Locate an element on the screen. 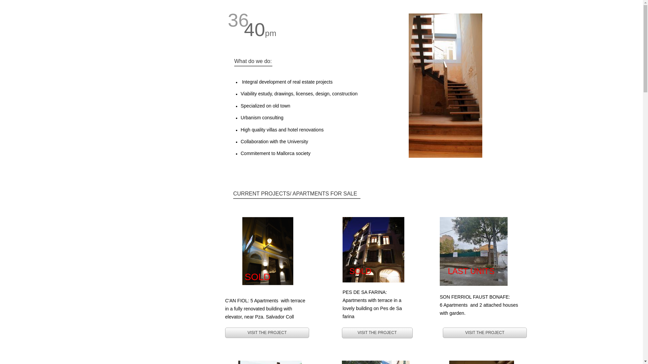 The width and height of the screenshot is (648, 364). 'VISIT THE PROJECT' is located at coordinates (484, 332).